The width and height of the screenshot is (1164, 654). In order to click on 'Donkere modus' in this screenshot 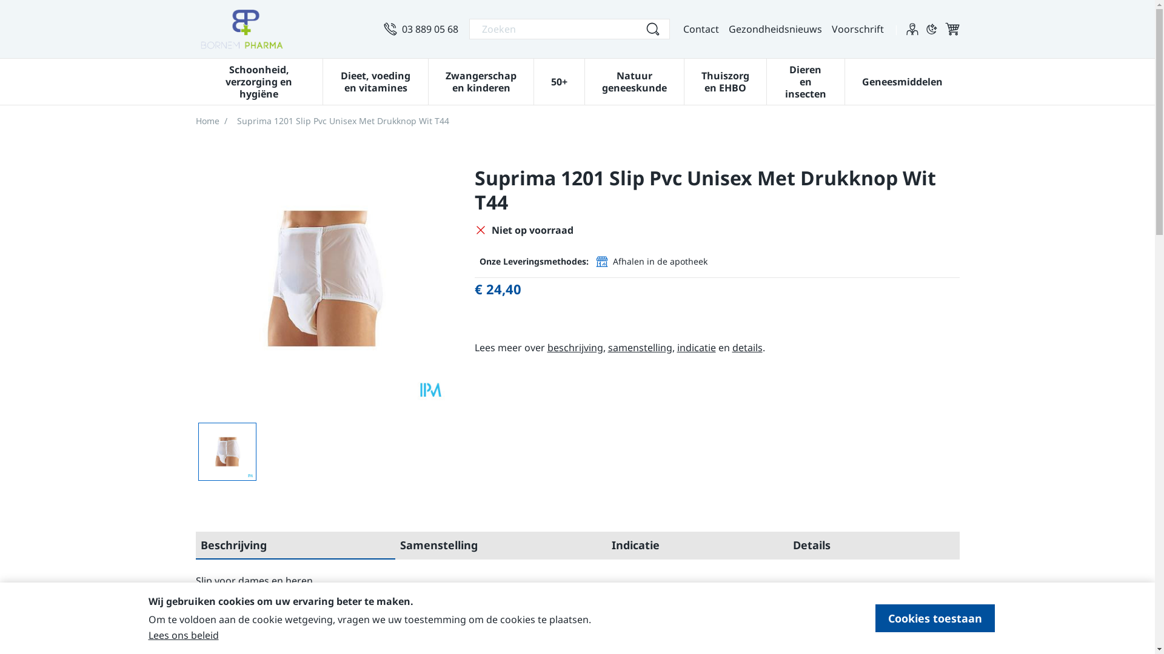, I will do `click(931, 28)`.